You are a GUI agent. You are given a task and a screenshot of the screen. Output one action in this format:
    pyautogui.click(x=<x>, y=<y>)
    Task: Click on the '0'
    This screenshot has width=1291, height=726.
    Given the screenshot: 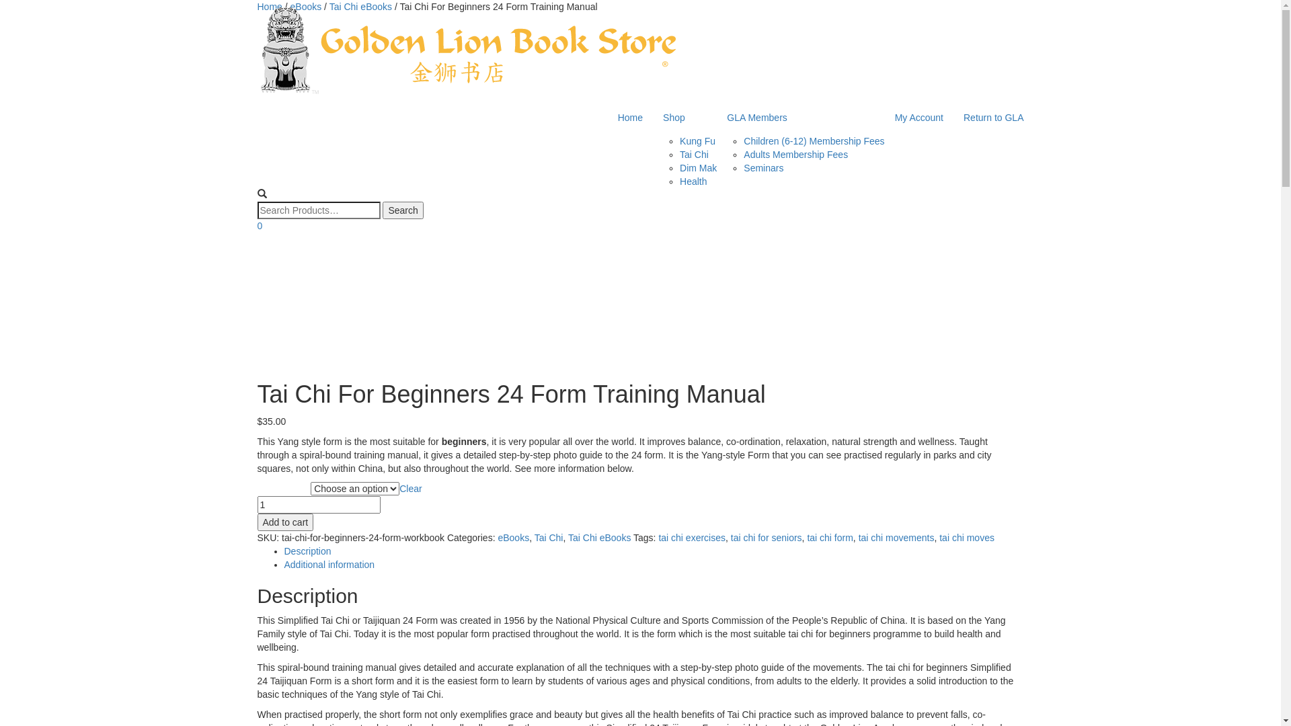 What is the action you would take?
    pyautogui.click(x=259, y=225)
    